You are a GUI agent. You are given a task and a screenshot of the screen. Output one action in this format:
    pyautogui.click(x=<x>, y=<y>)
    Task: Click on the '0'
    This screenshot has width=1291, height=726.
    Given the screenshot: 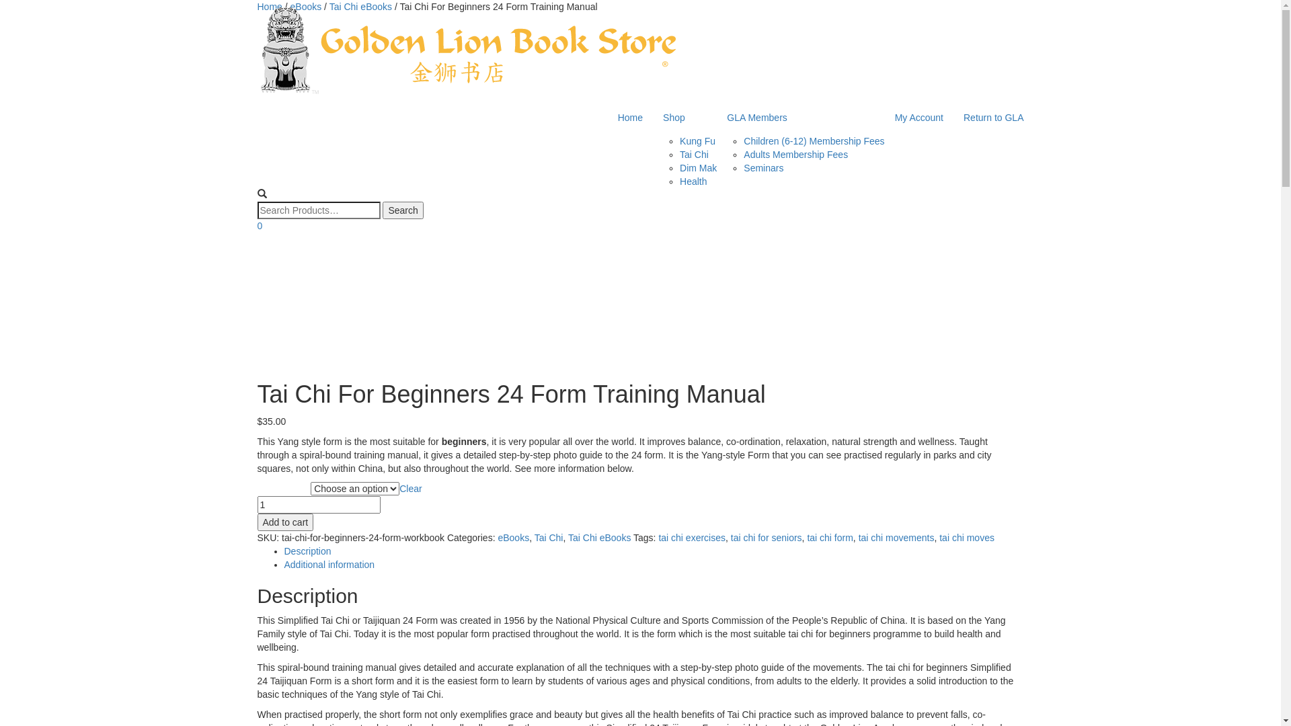 What is the action you would take?
    pyautogui.click(x=259, y=225)
    